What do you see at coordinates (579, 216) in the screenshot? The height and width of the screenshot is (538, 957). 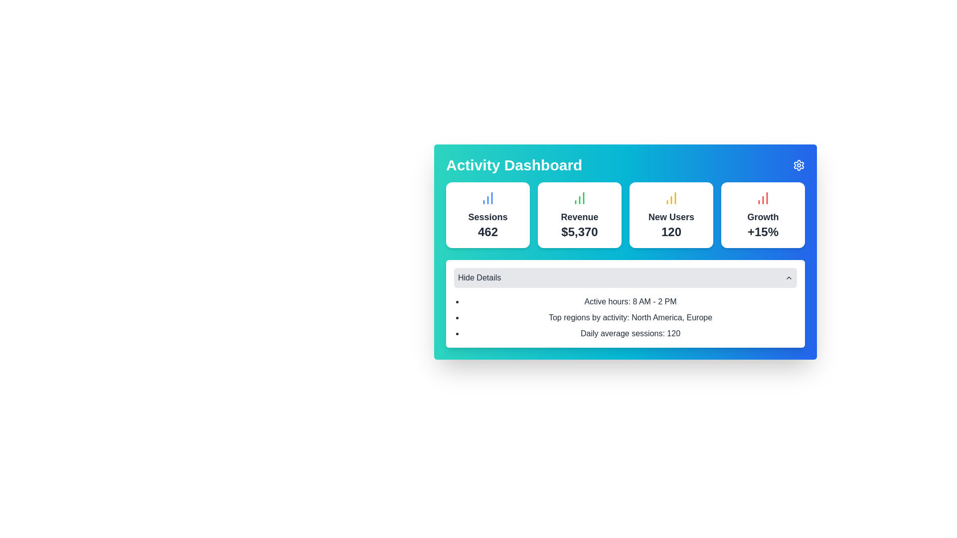 I see `the text label that describes the revenue figure` at bounding box center [579, 216].